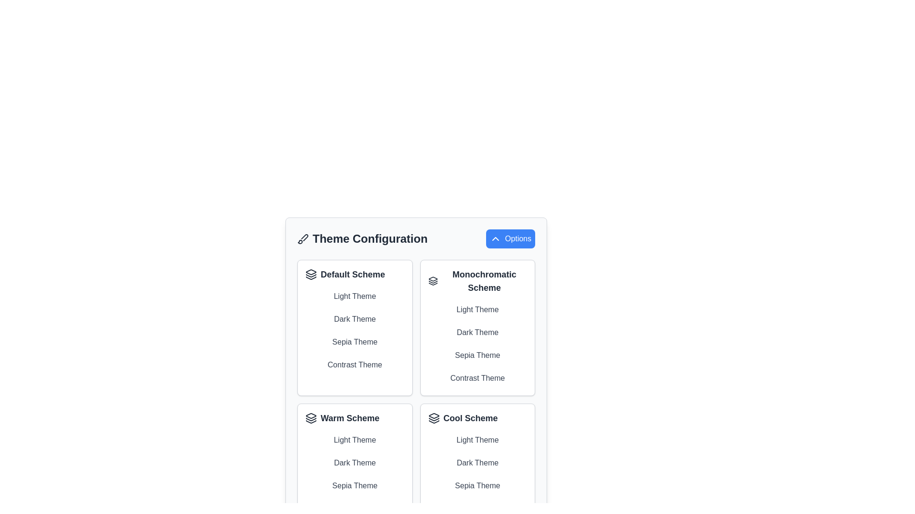 Image resolution: width=915 pixels, height=514 pixels. What do you see at coordinates (354, 296) in the screenshot?
I see `the 'Light Theme' text button, which is the first option in the 'Default Scheme' column styled with a rounded rectangle background and medium gray font` at bounding box center [354, 296].